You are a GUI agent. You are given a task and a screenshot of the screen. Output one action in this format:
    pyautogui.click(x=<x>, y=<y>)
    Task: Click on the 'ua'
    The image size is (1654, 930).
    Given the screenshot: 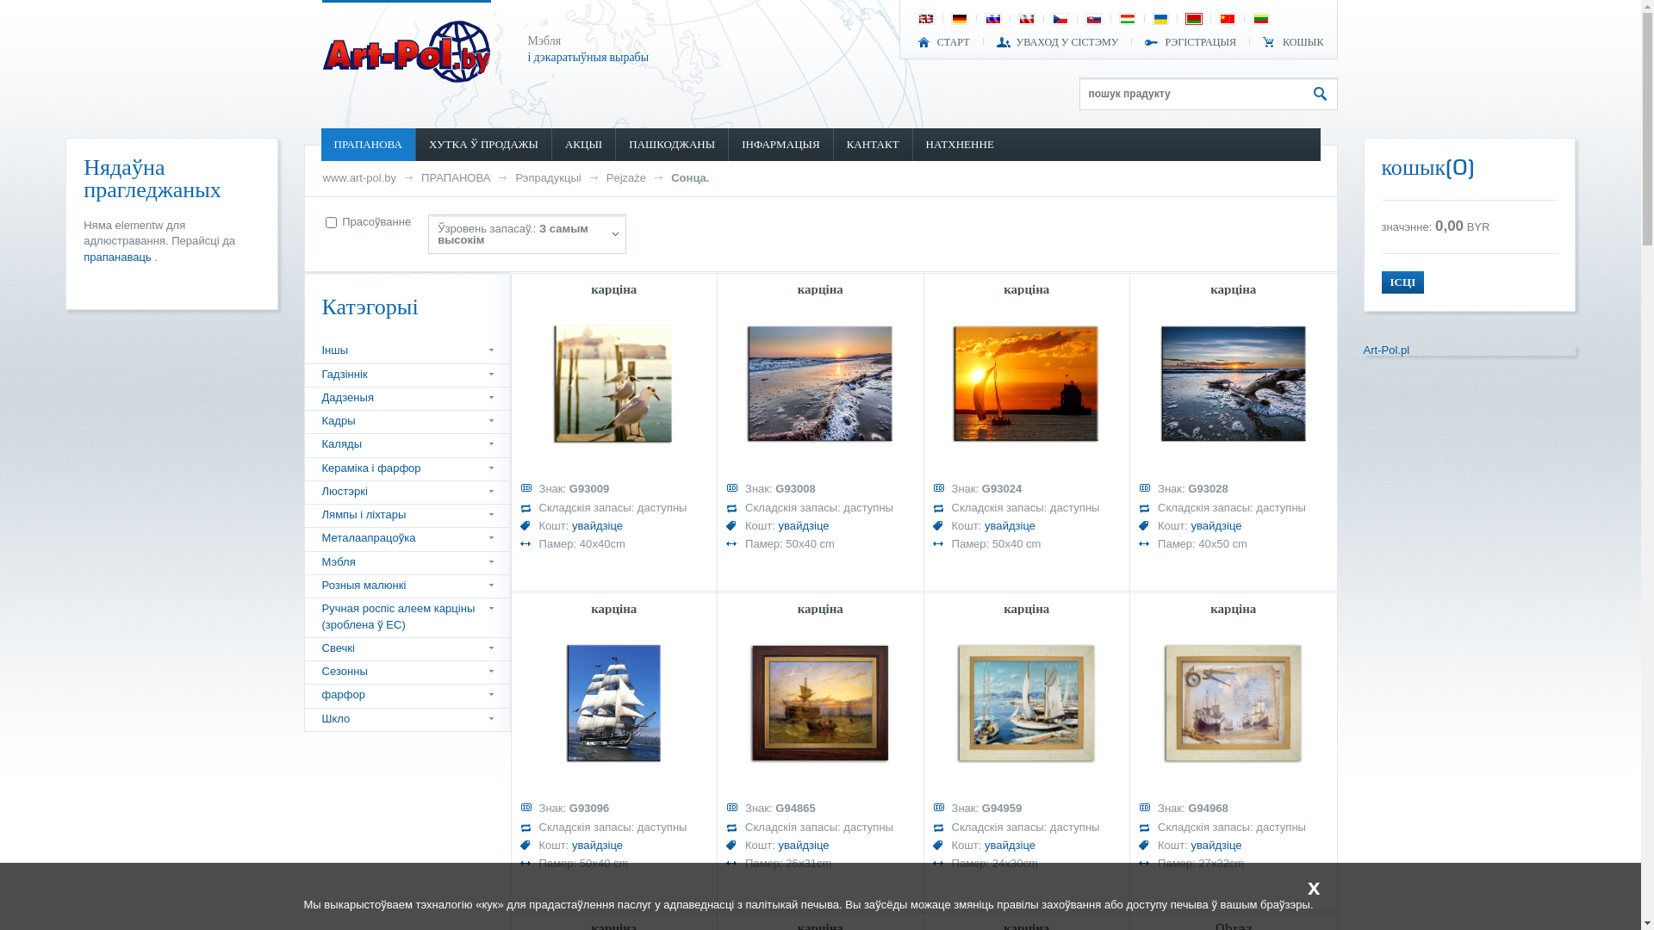 What is the action you would take?
    pyautogui.click(x=1153, y=19)
    